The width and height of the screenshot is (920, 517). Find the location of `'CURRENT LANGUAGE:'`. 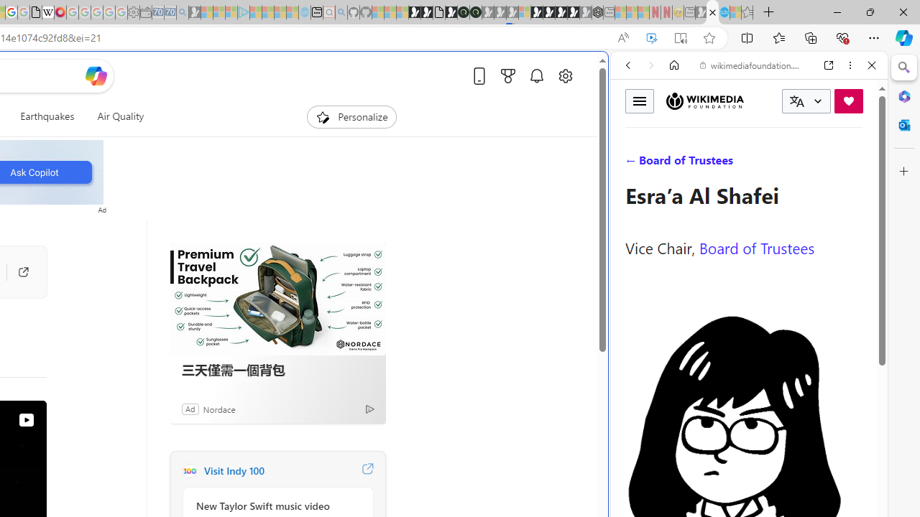

'CURRENT LANGUAGE:' is located at coordinates (806, 101).